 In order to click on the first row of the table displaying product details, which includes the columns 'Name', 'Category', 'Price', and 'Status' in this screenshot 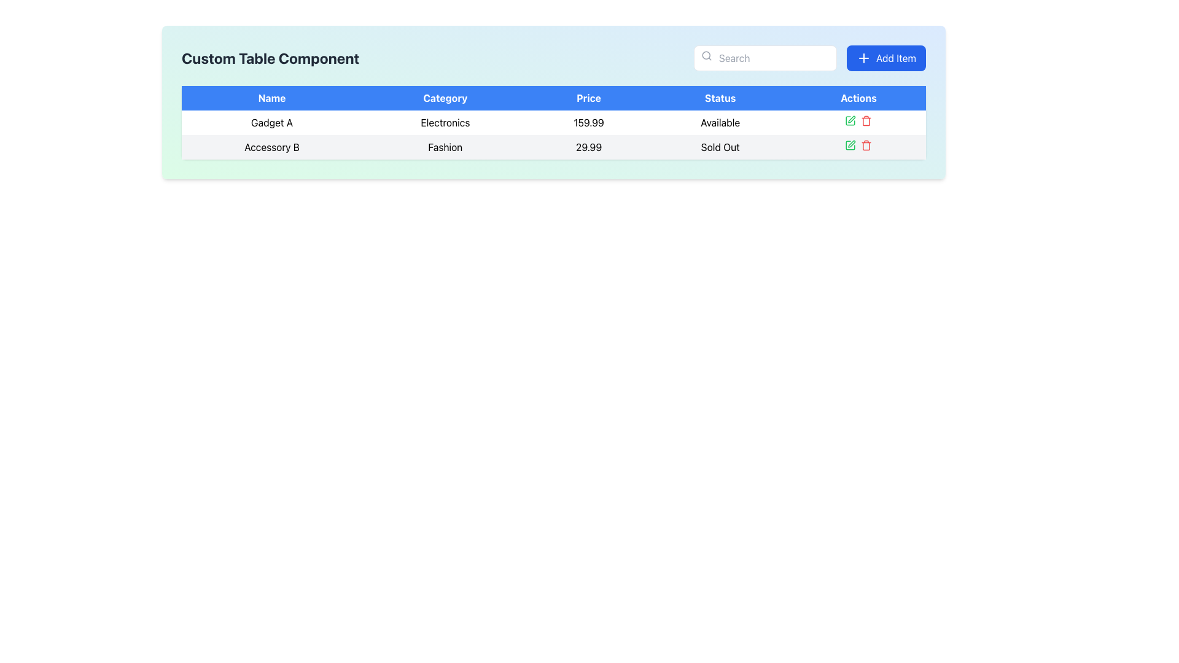, I will do `click(553, 123)`.